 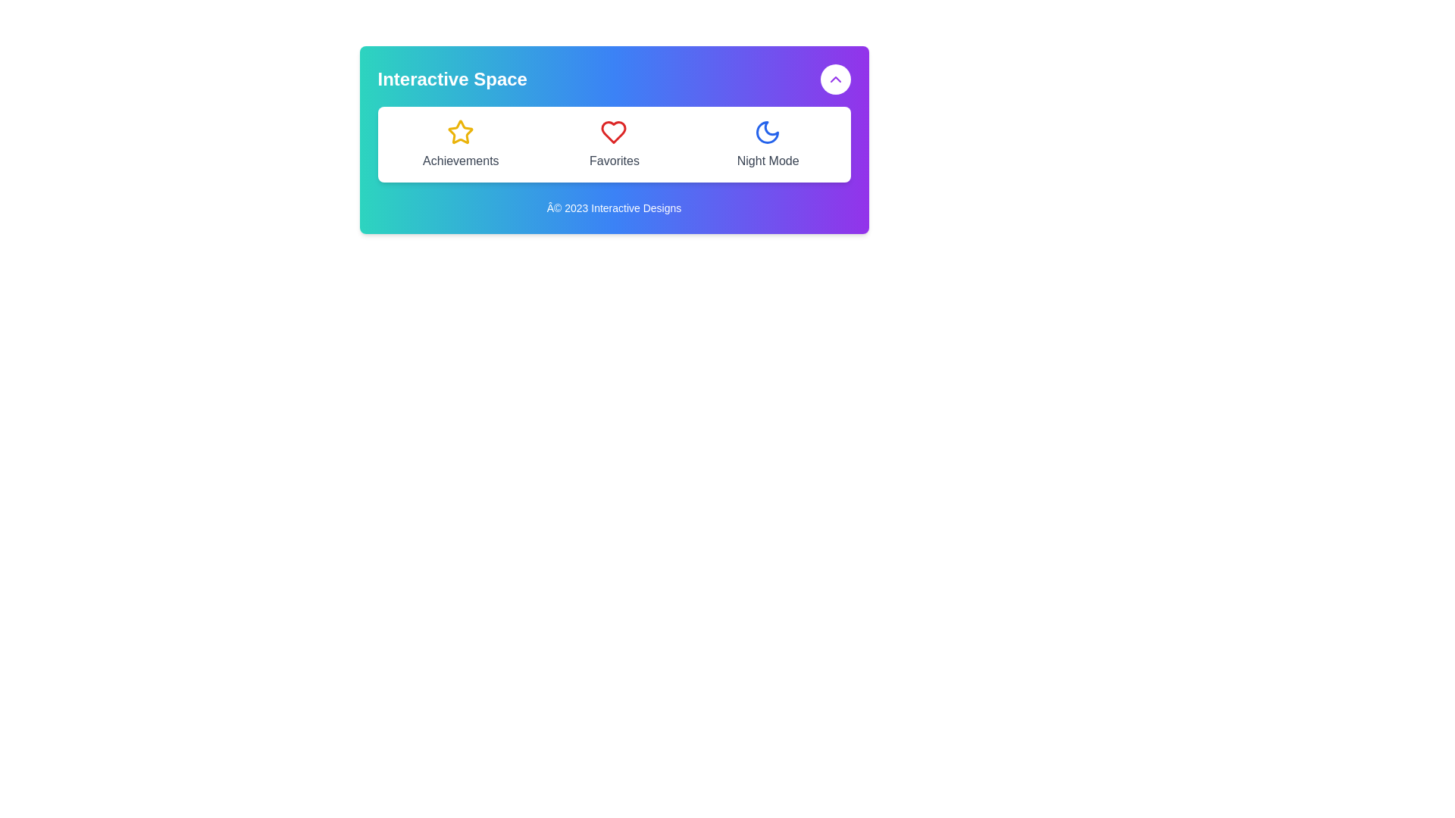 What do you see at coordinates (459, 131) in the screenshot?
I see `the stylized star icon with a yellow outline and transparent fill, located in the 'Achievements' group, positioned leftmost in a row of icons above the 'Achievements' label` at bounding box center [459, 131].